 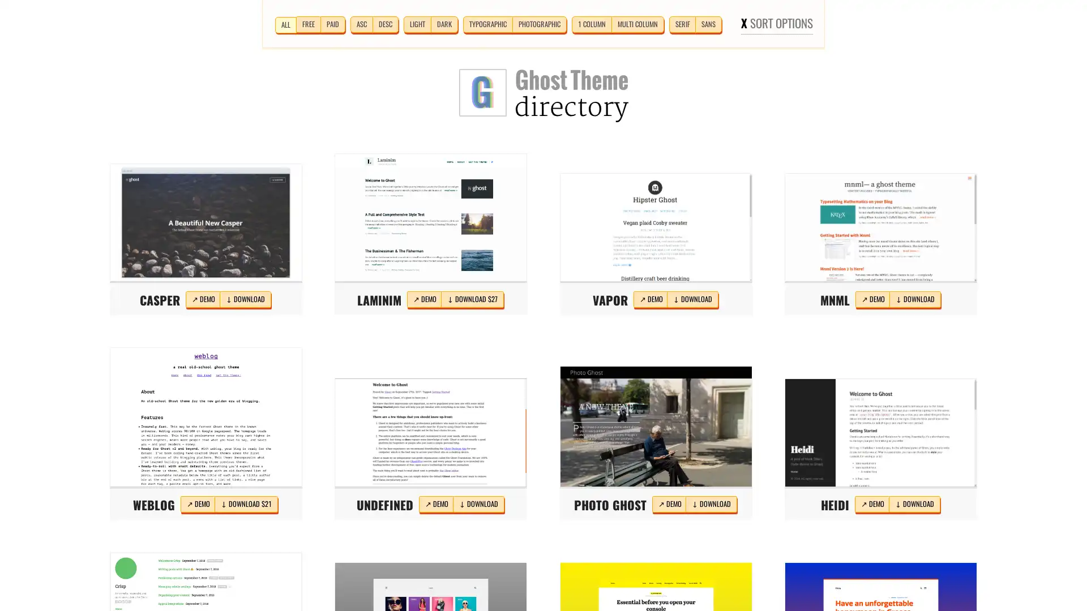 I want to click on ASC, so click(x=361, y=24).